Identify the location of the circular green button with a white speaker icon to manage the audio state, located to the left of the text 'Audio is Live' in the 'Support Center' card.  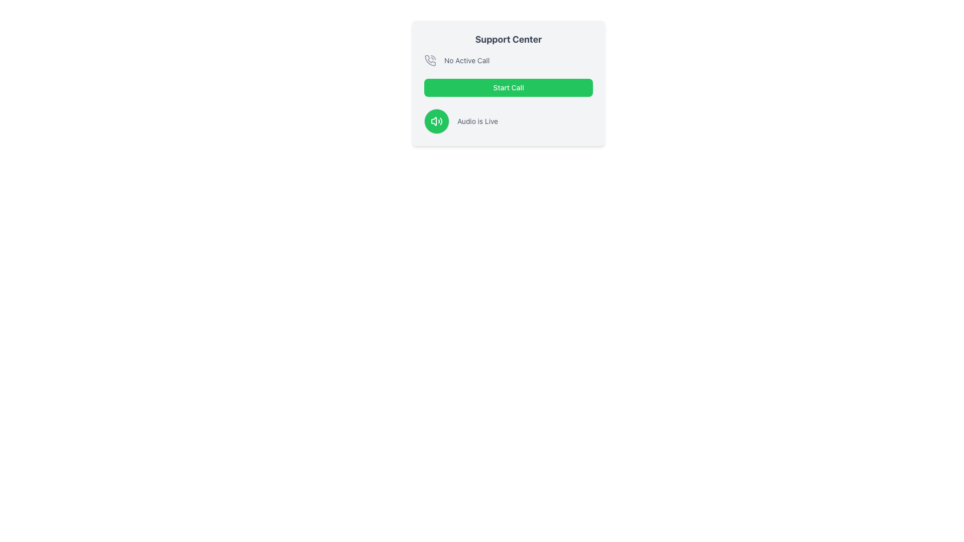
(436, 121).